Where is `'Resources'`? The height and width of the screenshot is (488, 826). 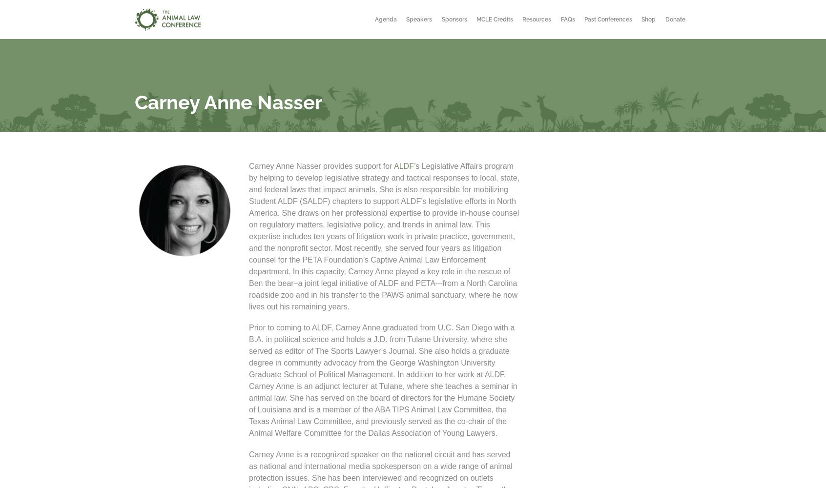 'Resources' is located at coordinates (537, 20).